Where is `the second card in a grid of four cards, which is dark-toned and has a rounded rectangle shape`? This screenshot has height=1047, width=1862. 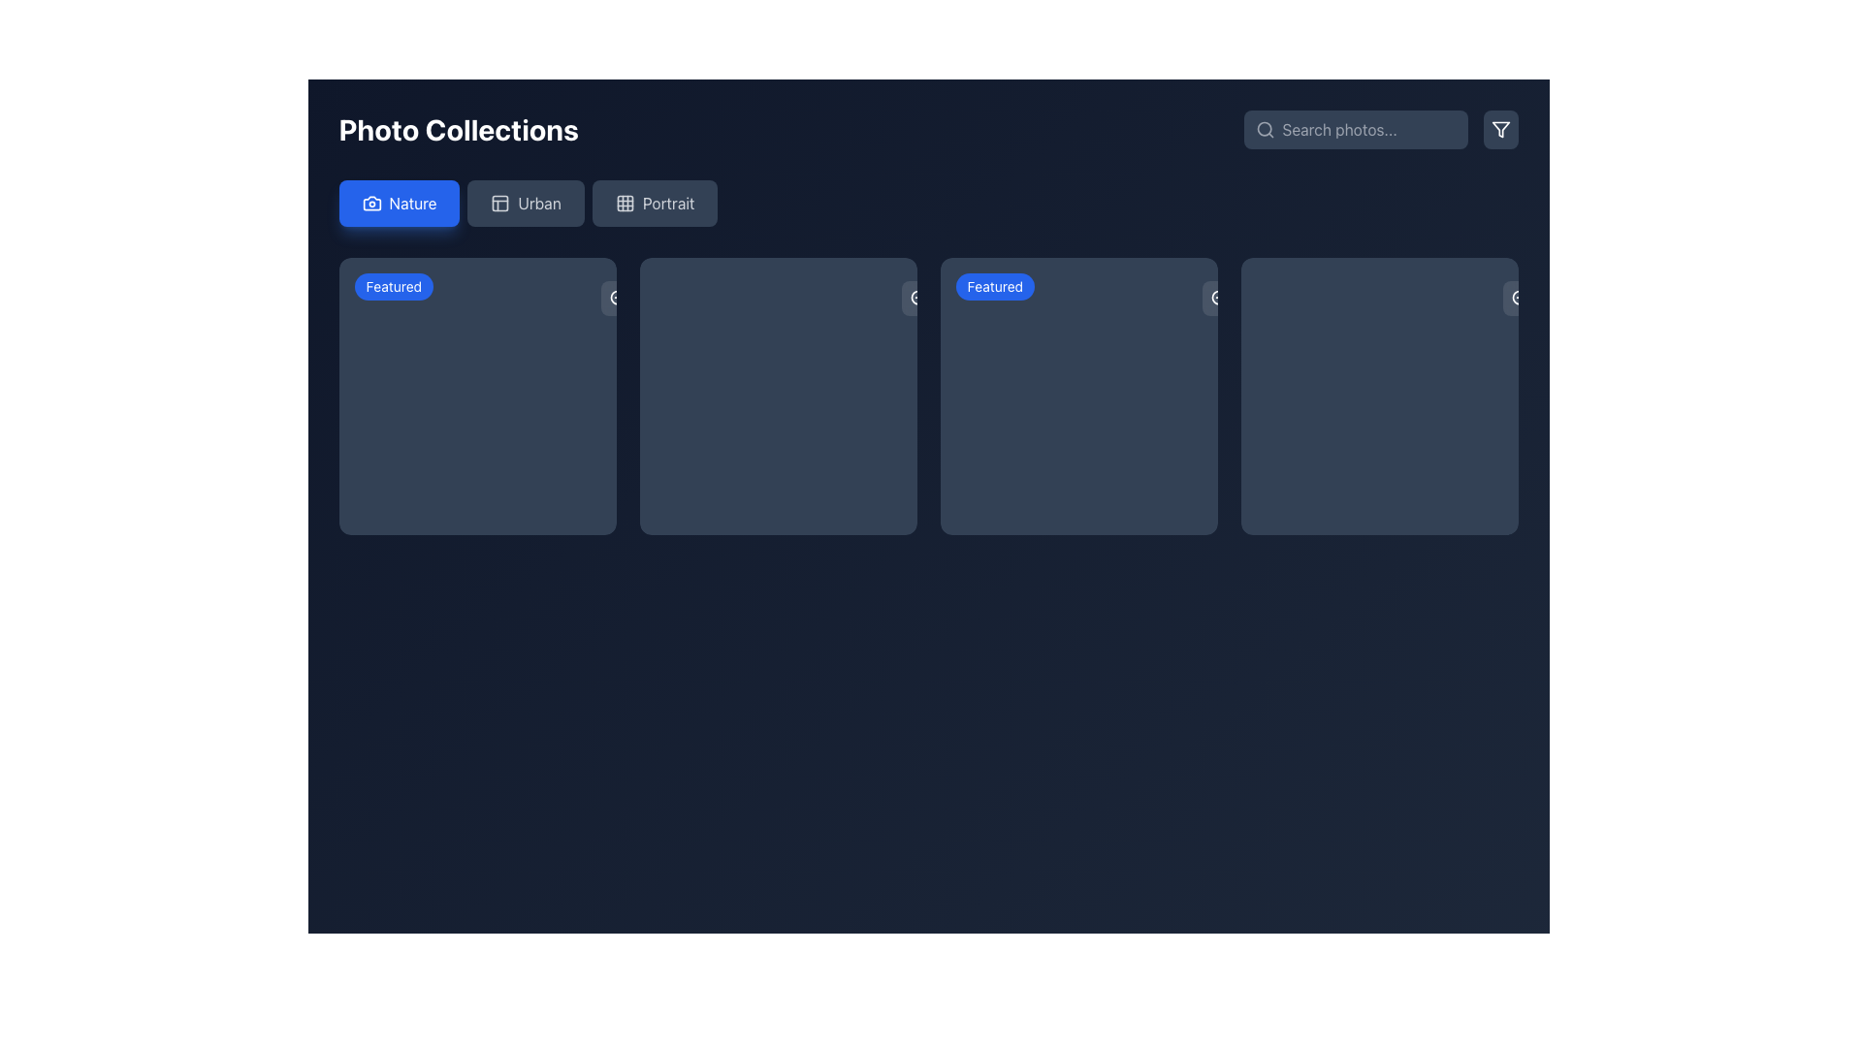
the second card in a grid of four cards, which is dark-toned and has a rounded rectangle shape is located at coordinates (778, 395).